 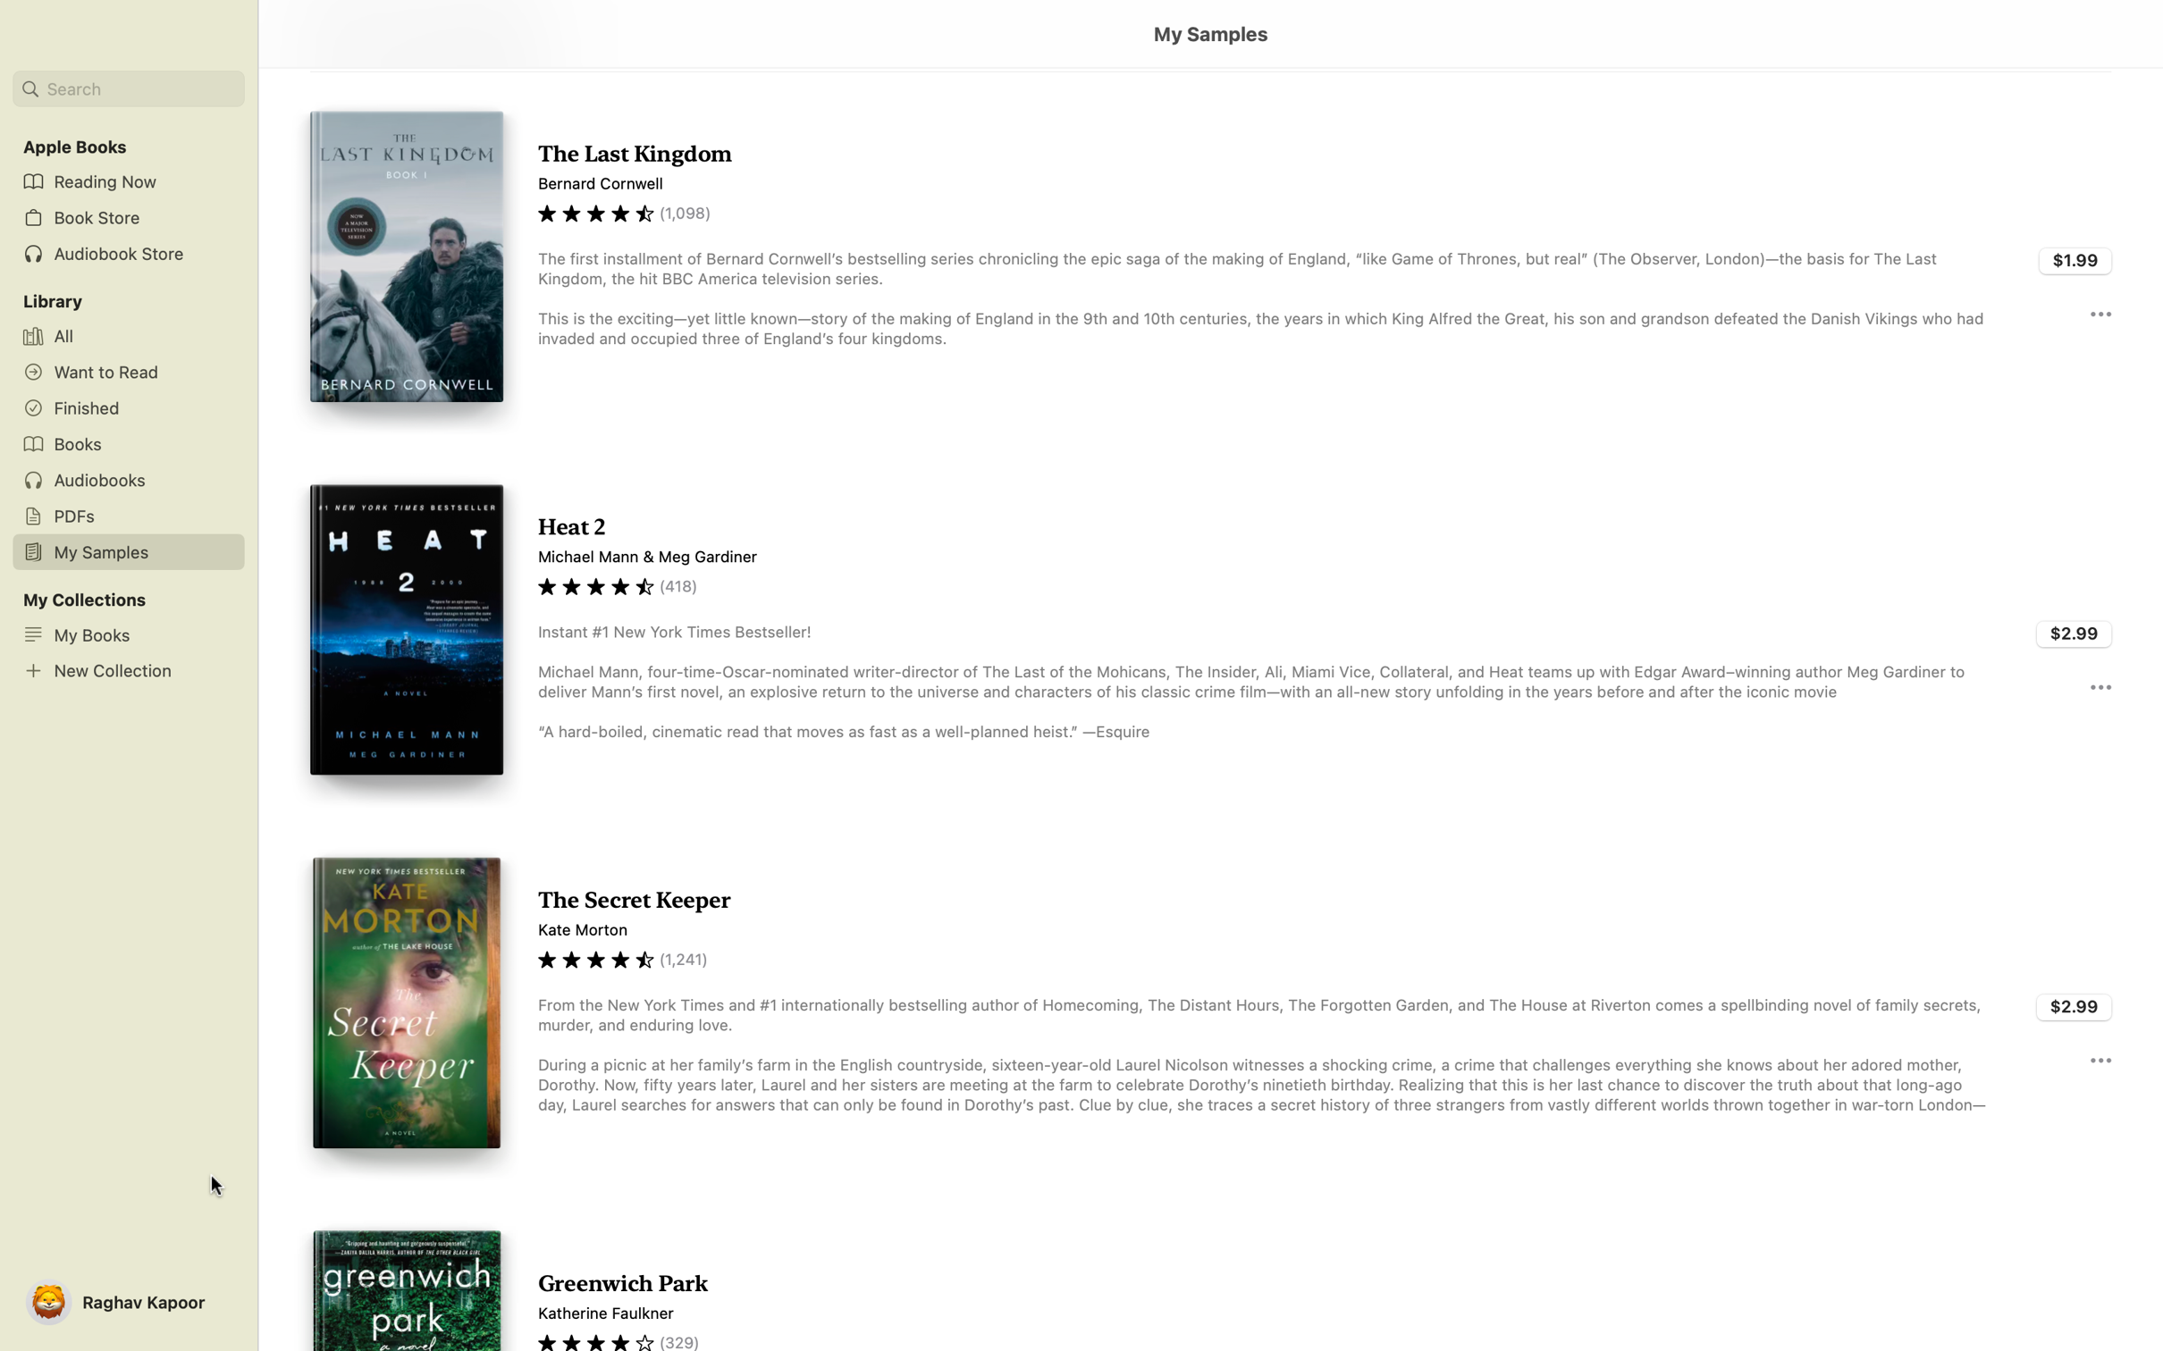 What do you see at coordinates (2075, 633) in the screenshot?
I see `Make the purchase of "Heat 2" book` at bounding box center [2075, 633].